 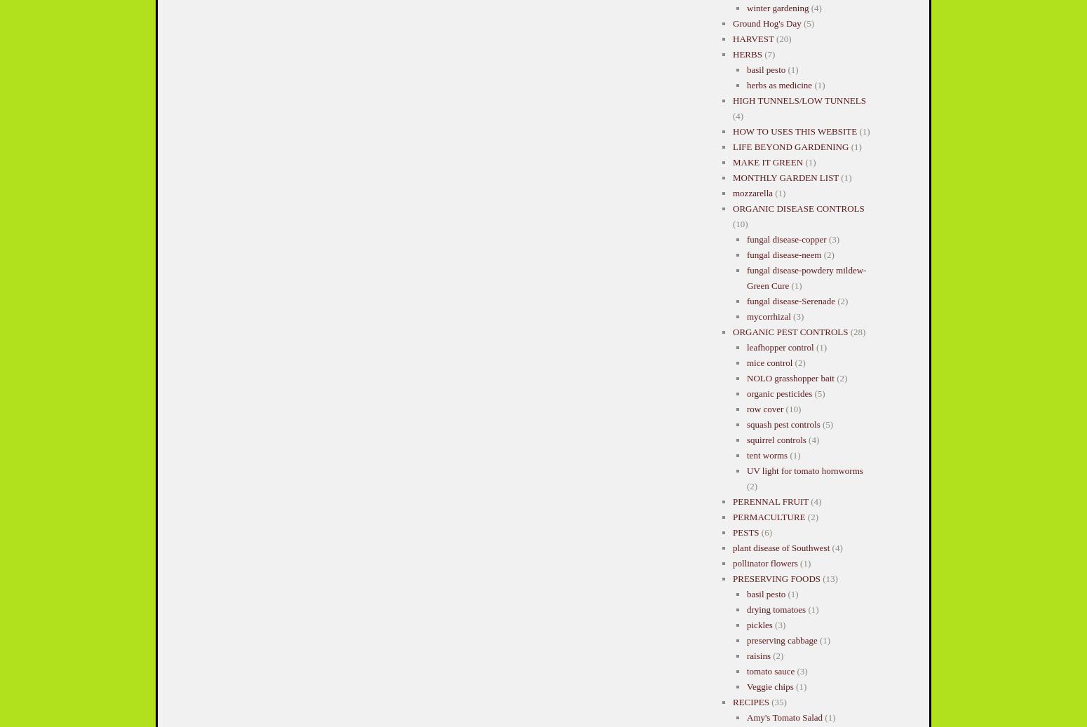 What do you see at coordinates (798, 100) in the screenshot?
I see `'HIGH TUNNELS/LOW TUNNELS'` at bounding box center [798, 100].